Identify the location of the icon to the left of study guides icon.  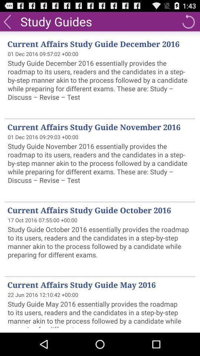
(7, 21).